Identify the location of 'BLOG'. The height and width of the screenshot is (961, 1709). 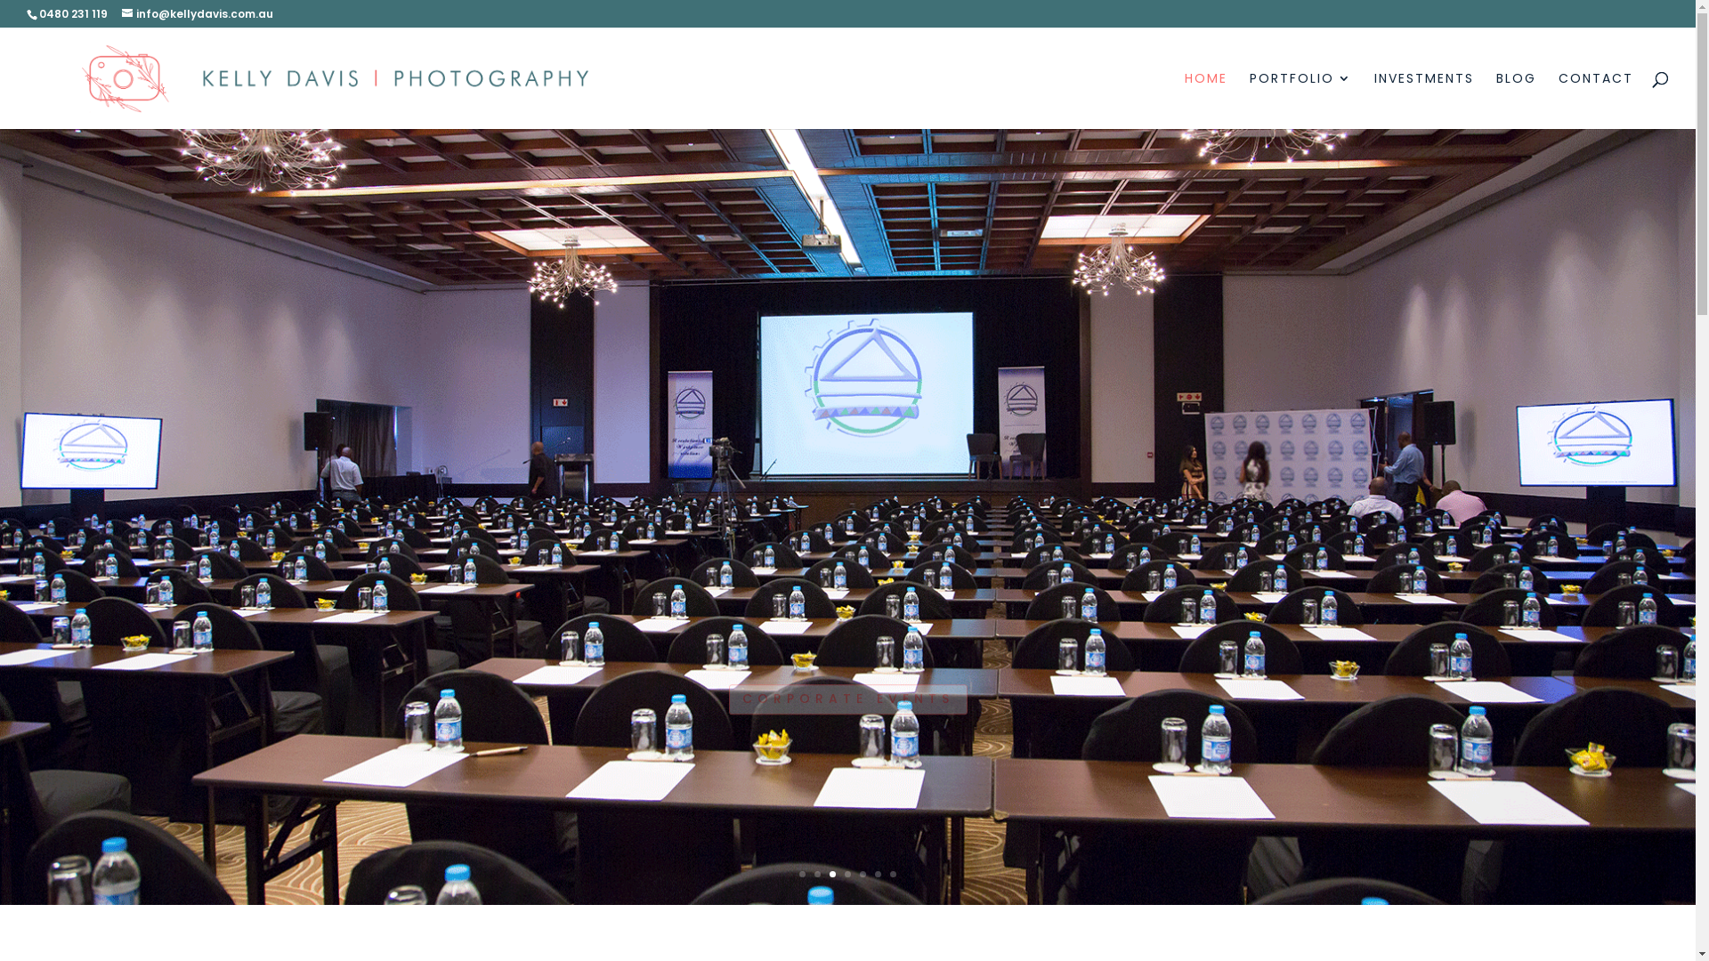
(1515, 100).